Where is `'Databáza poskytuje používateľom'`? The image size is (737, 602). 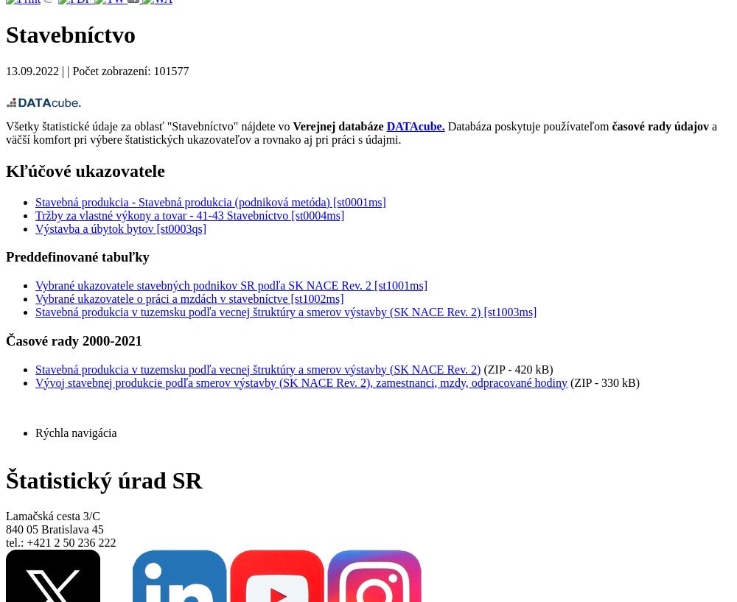
'Databáza poskytuje používateľom' is located at coordinates (444, 125).